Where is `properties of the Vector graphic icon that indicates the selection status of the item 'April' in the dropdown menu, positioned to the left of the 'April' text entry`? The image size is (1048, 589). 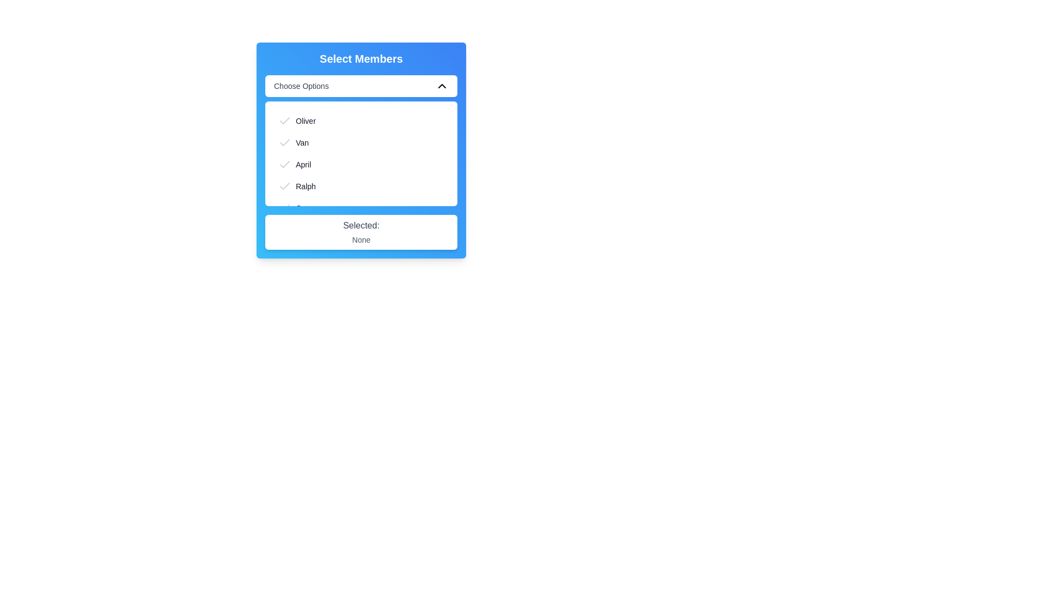 properties of the Vector graphic icon that indicates the selection status of the item 'April' in the dropdown menu, positioned to the left of the 'April' text entry is located at coordinates (285, 164).